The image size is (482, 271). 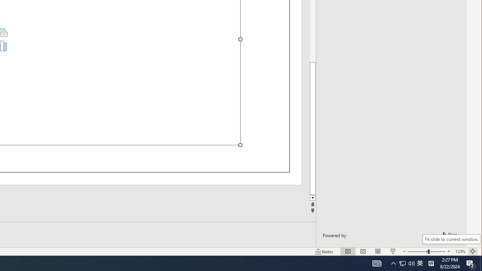 I want to click on 'Zoom 133%', so click(x=460, y=251).